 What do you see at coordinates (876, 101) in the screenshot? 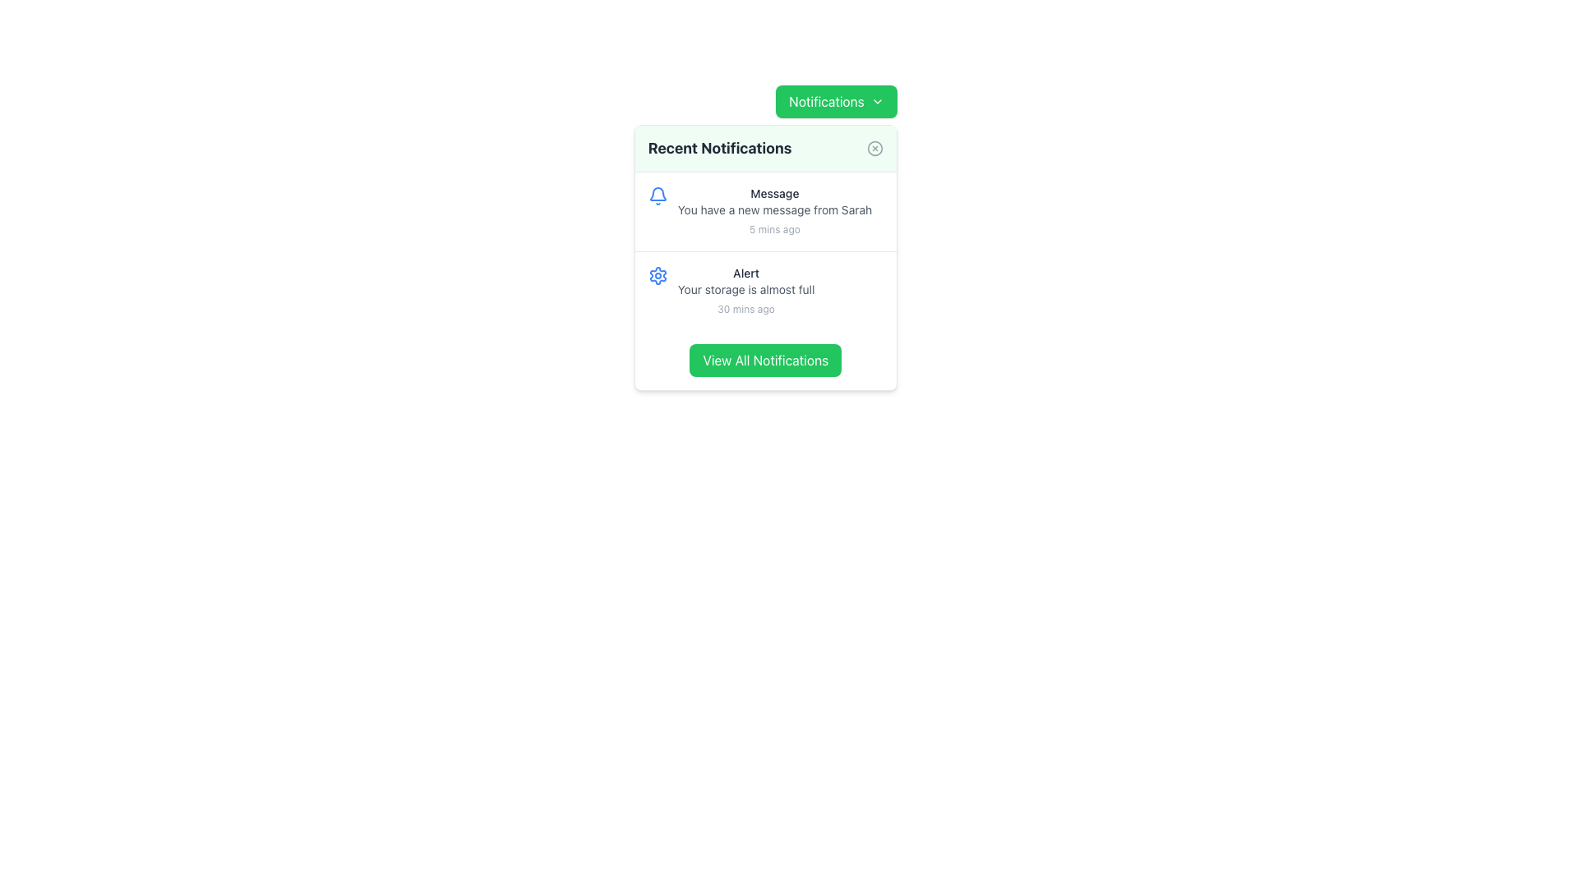
I see `the downward-facing chevron icon located next to the 'Notifications' text on the green button` at bounding box center [876, 101].